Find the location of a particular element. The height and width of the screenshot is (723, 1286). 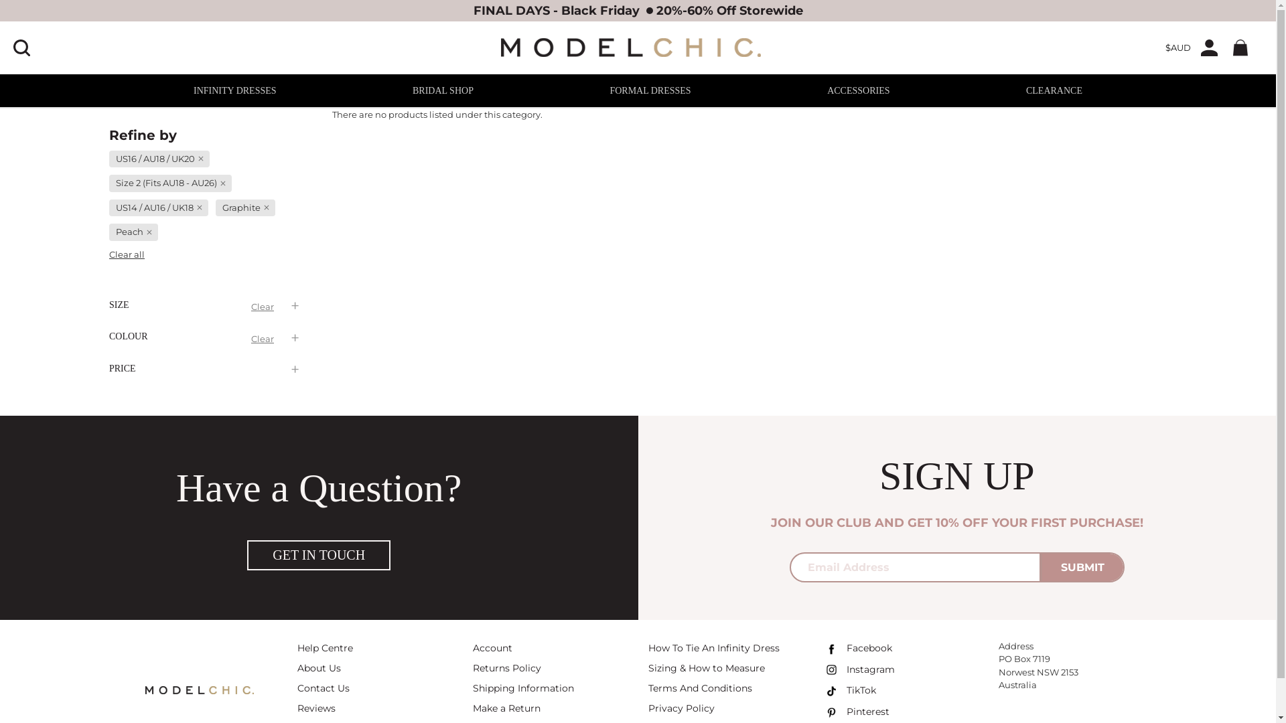

'$AUD' is located at coordinates (1177, 48).